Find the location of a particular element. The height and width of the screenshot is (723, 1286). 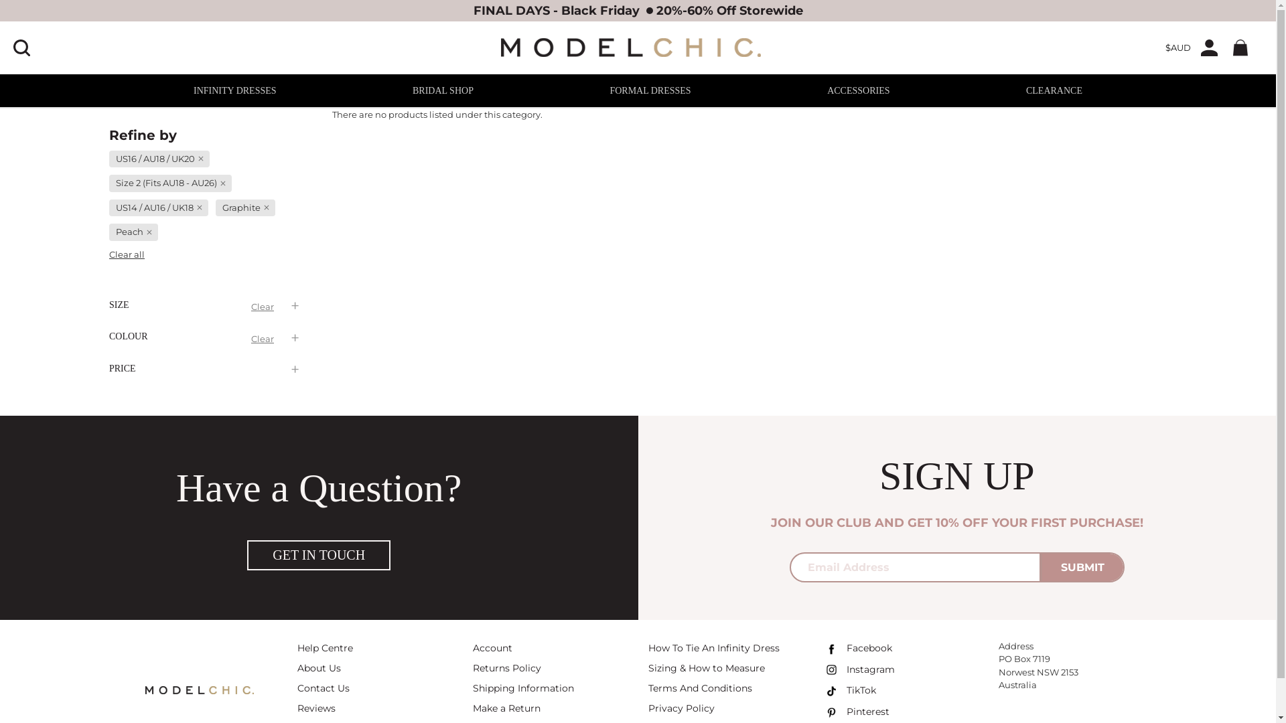

'$AUD' is located at coordinates (1177, 48).